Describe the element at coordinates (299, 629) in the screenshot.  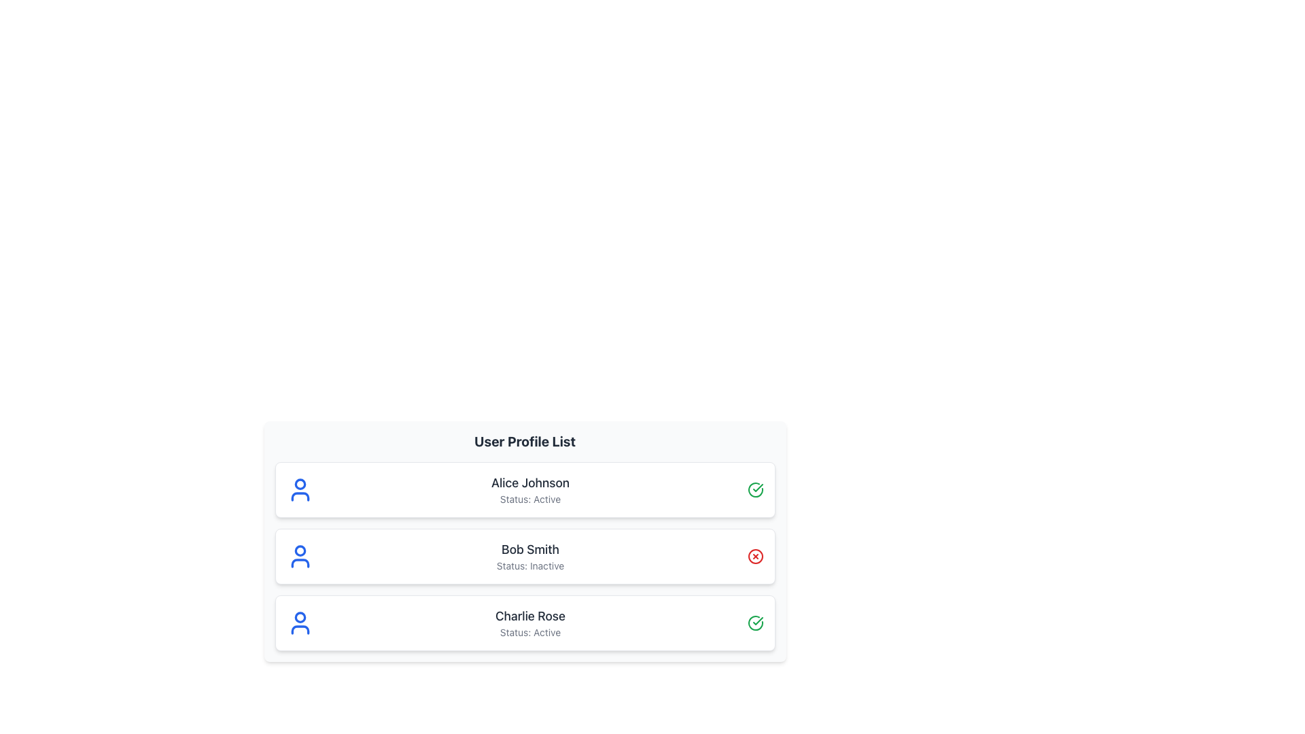
I see `the Icon graphic part of the SVG that visually indicates the user's profile for 'Charlie Rose' in the UI` at that location.